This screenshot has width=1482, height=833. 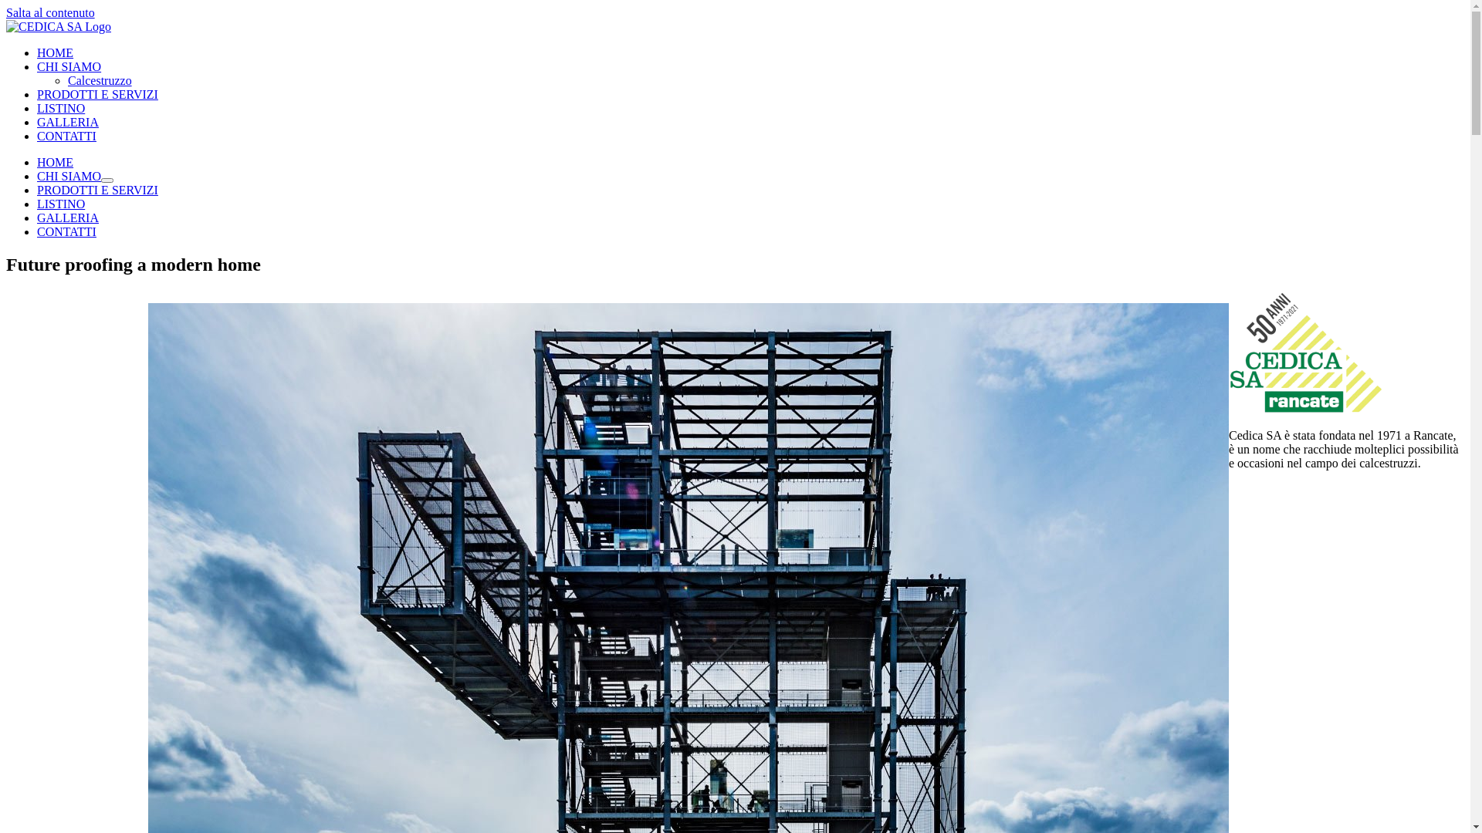 What do you see at coordinates (96, 189) in the screenshot?
I see `'PRODOTTI E SERVIZI'` at bounding box center [96, 189].